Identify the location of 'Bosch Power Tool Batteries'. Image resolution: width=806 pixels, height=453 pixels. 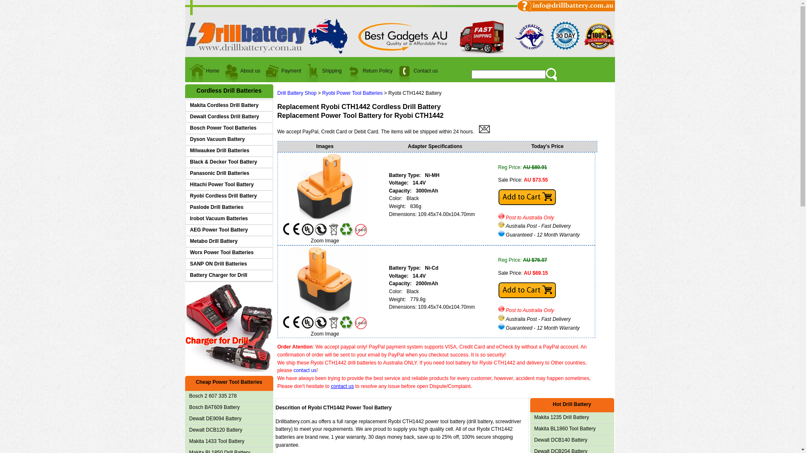
(229, 128).